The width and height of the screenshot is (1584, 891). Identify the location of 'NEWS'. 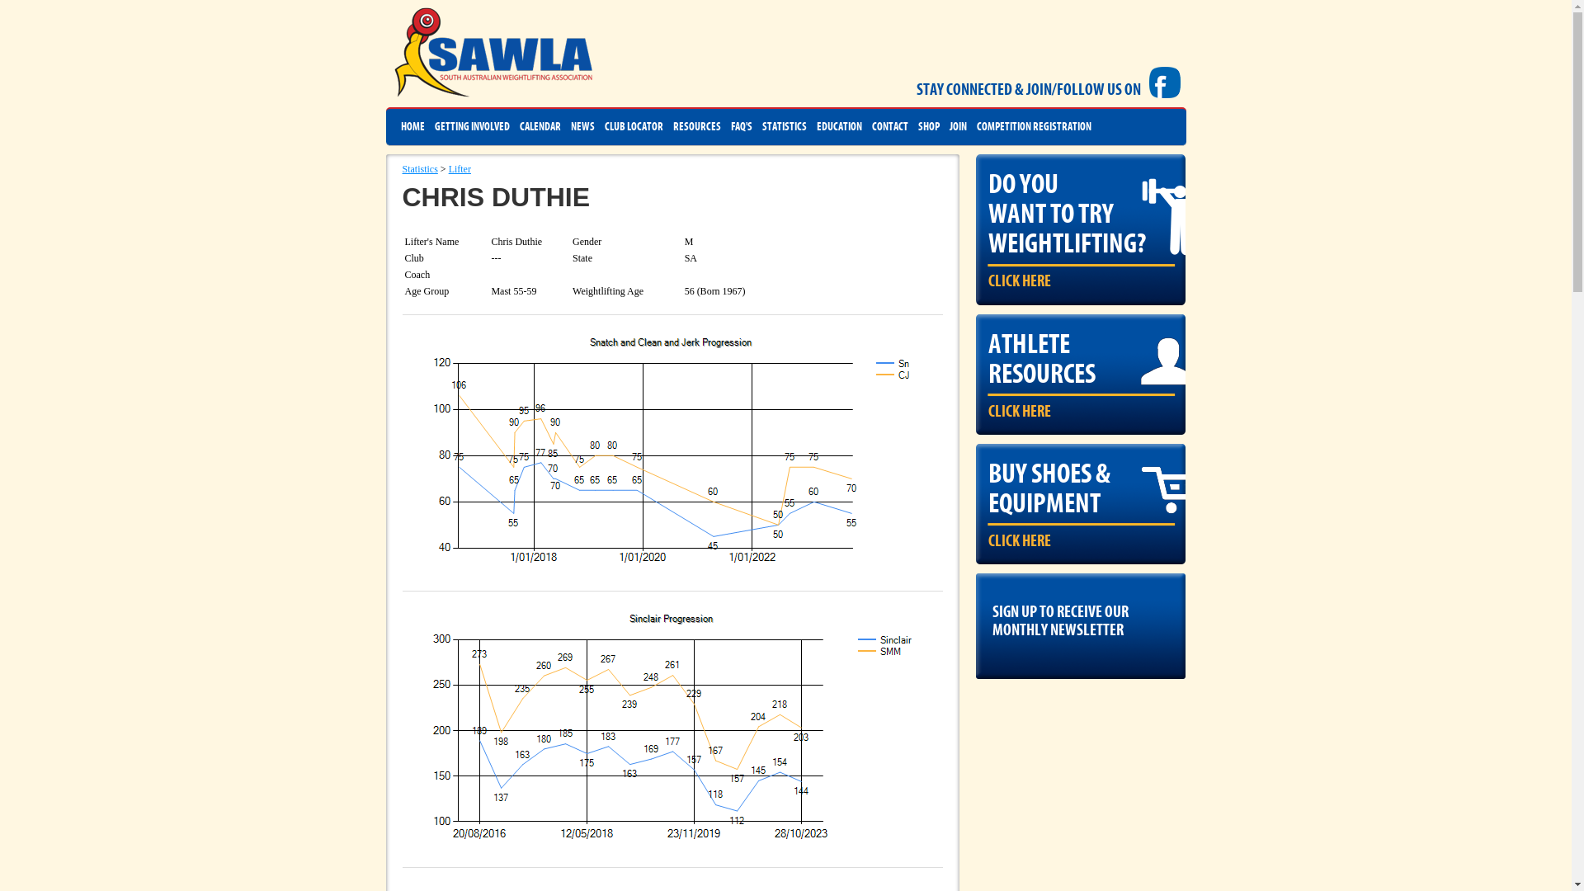
(570, 126).